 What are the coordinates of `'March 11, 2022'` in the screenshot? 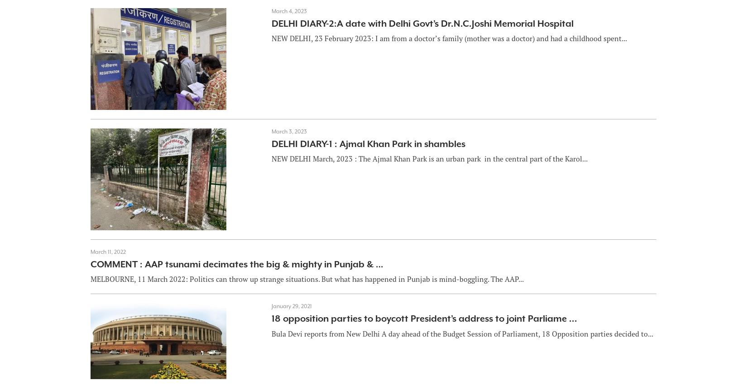 It's located at (90, 251).